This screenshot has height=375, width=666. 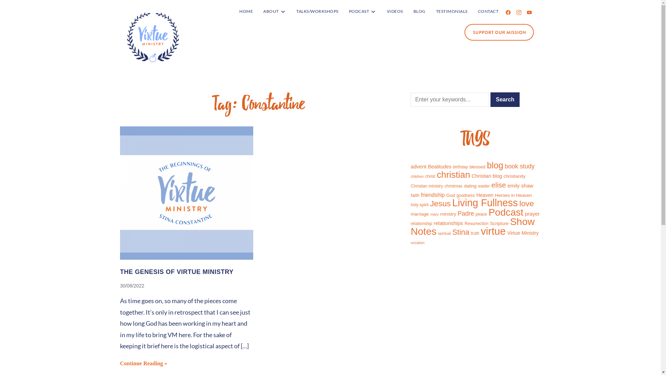 I want to click on 'Christian ministry', so click(x=411, y=186).